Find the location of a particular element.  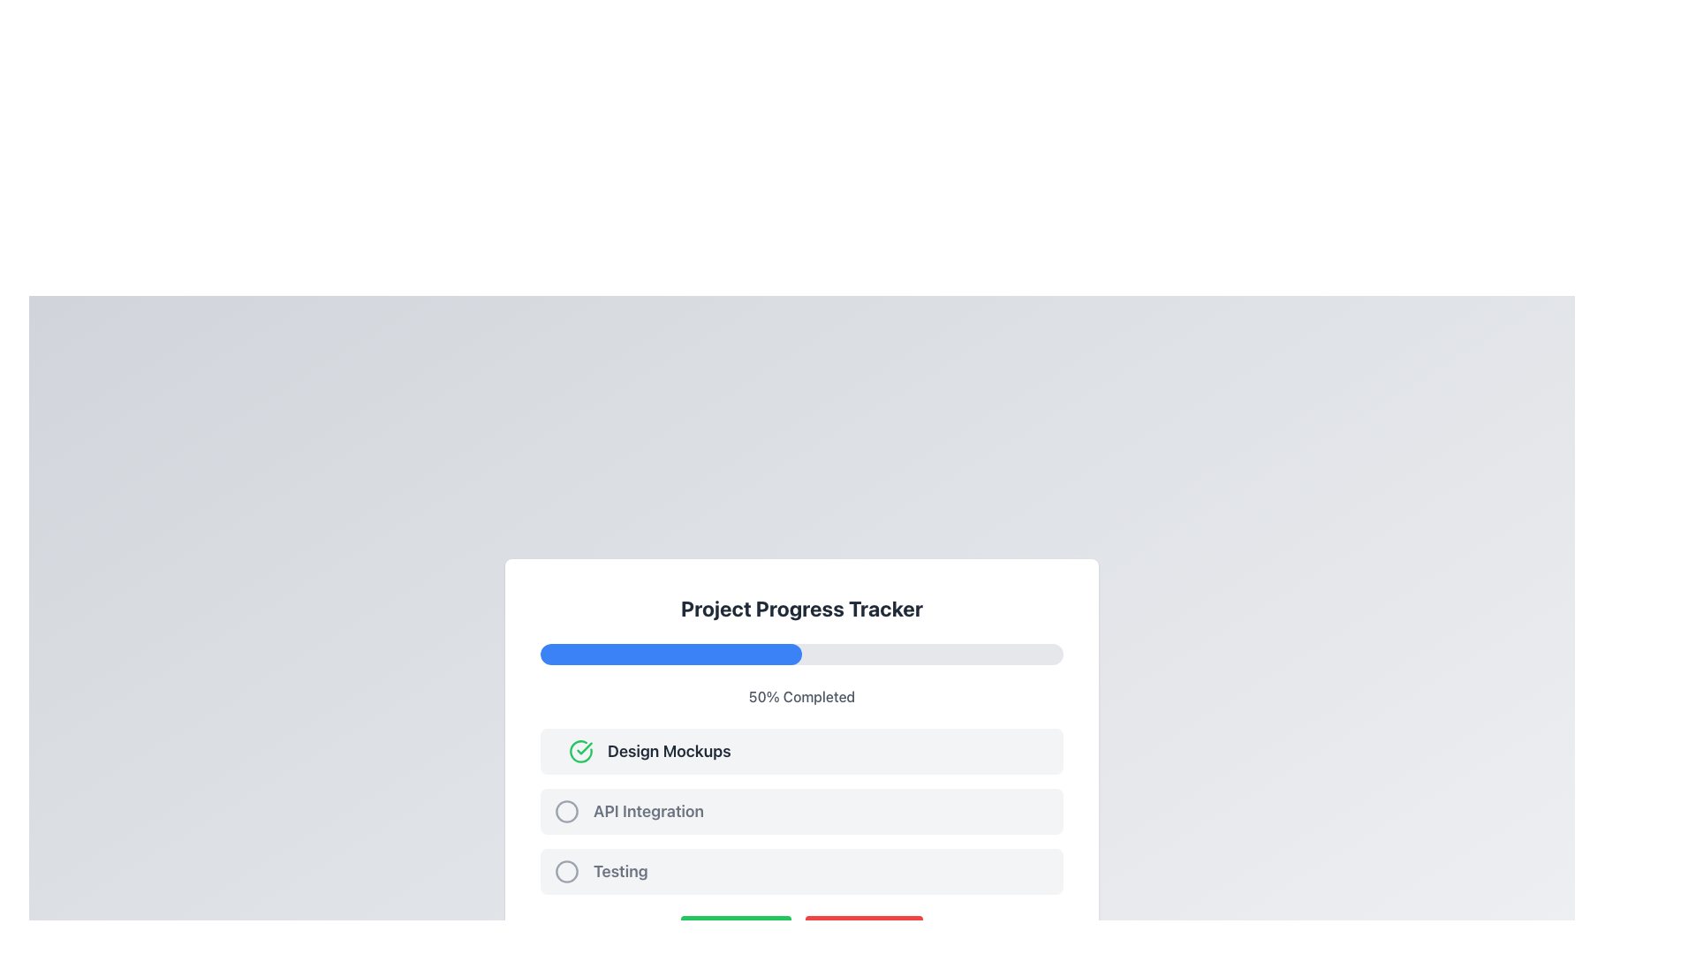

the non-interactive graphical circle element that is part of the 'API Integration' entry in the progress tracker, which is located to the left of the text label 'API Integration' is located at coordinates (567, 811).